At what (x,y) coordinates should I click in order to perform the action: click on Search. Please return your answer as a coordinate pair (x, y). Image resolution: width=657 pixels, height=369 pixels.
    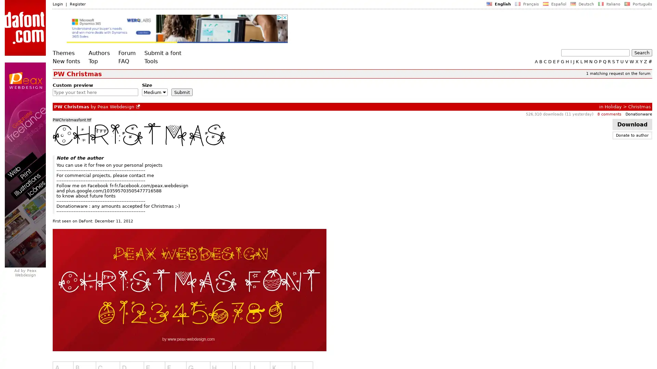
    Looking at the image, I should click on (642, 52).